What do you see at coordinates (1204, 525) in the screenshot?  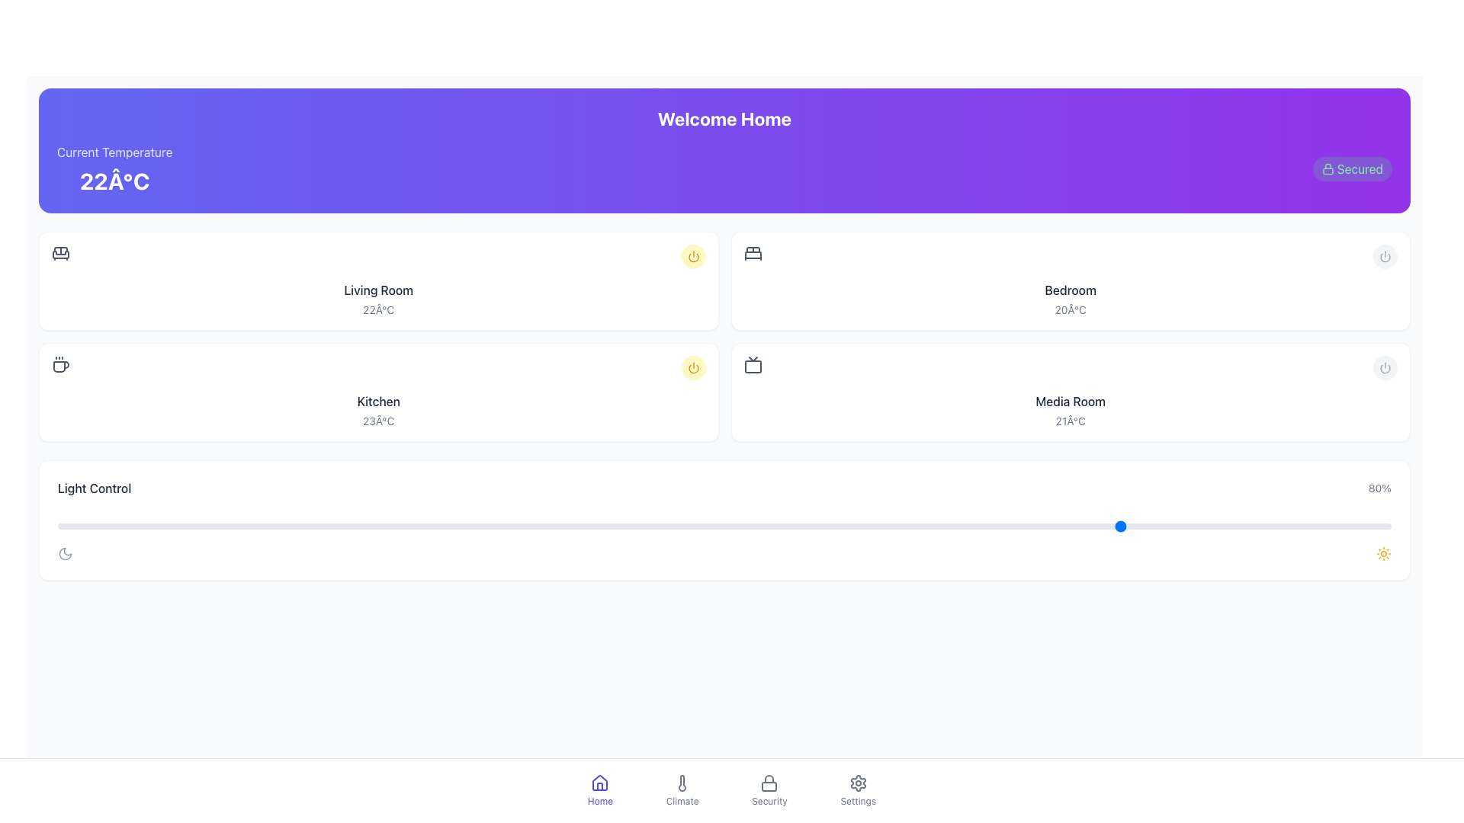 I see `the slider` at bounding box center [1204, 525].